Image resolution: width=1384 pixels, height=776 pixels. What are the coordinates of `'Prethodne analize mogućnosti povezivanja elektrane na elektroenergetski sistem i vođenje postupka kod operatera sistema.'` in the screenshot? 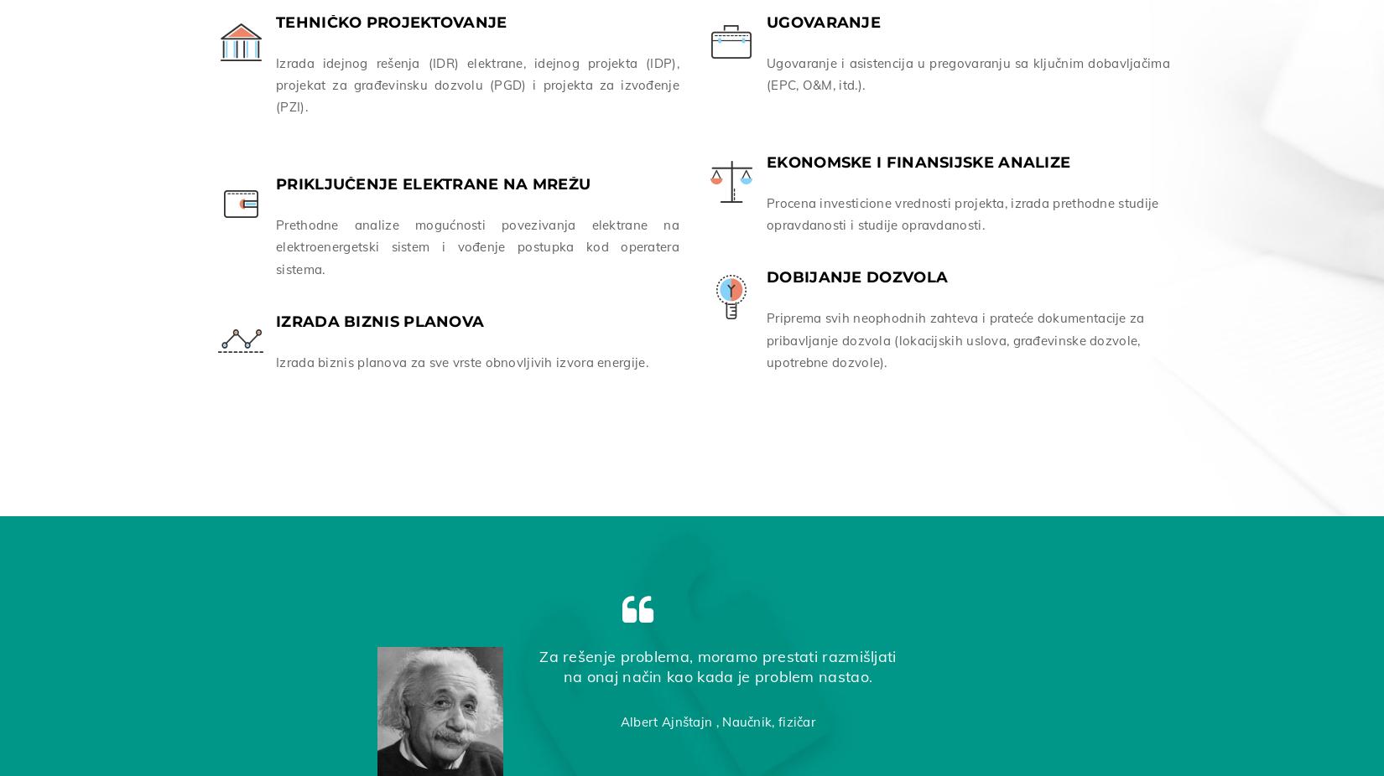 It's located at (476, 244).